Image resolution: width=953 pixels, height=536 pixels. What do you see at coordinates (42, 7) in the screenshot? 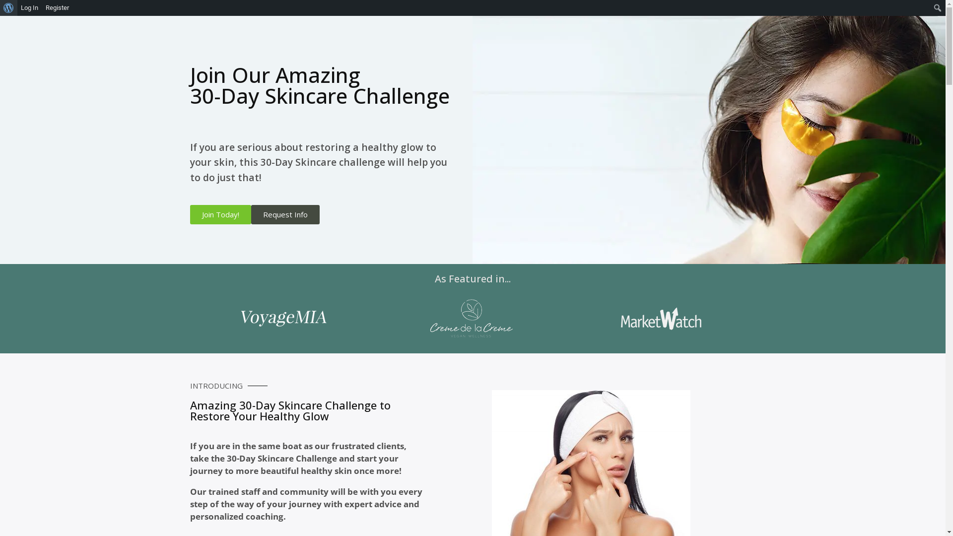
I see `'Register'` at bounding box center [42, 7].